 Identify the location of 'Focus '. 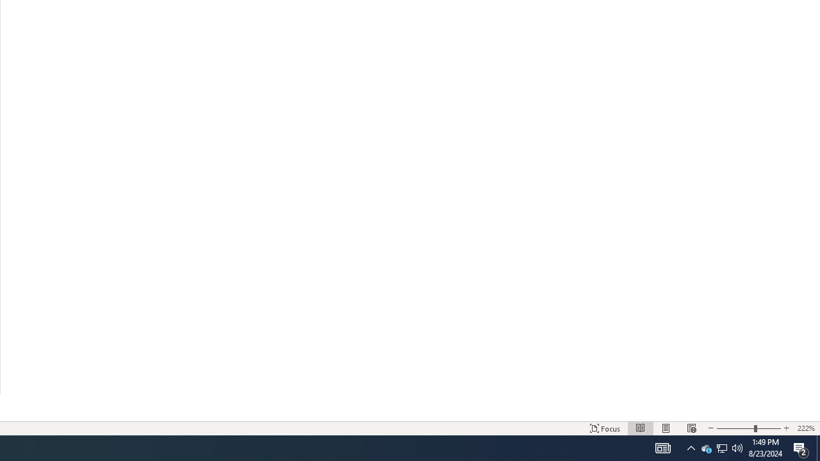
(604, 428).